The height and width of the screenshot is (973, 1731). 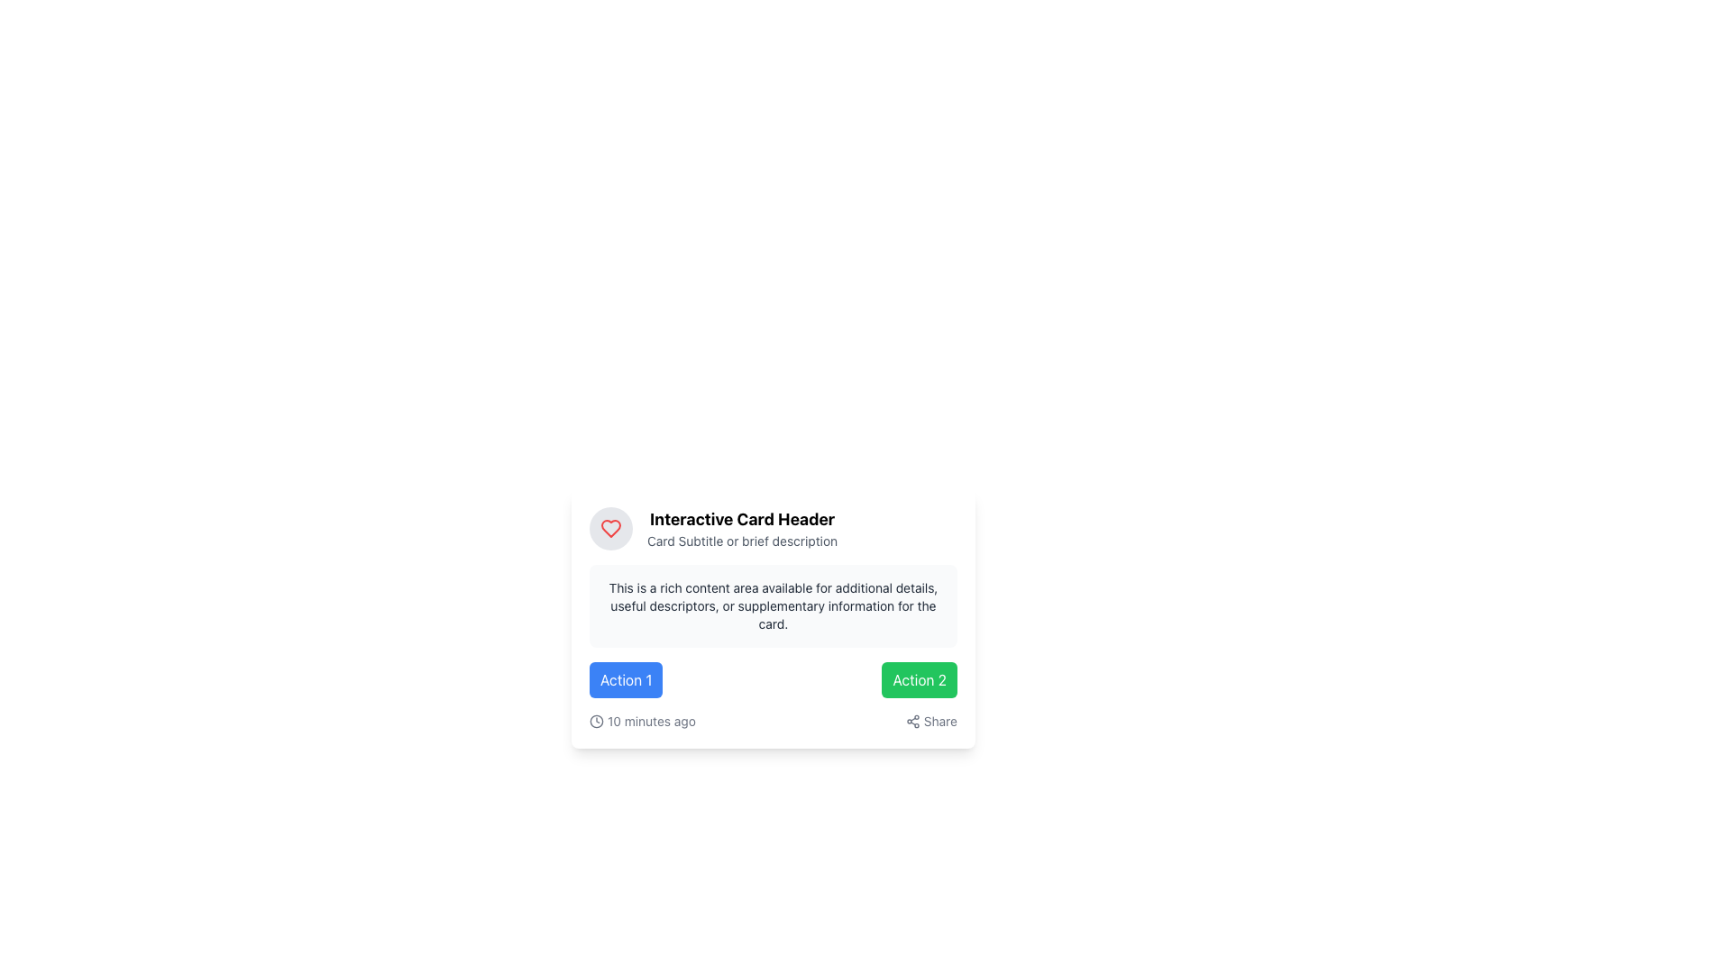 I want to click on the time icon located in the bottom-left section of the card layout, which visually precedes the text '10 minutes ago', so click(x=597, y=721).